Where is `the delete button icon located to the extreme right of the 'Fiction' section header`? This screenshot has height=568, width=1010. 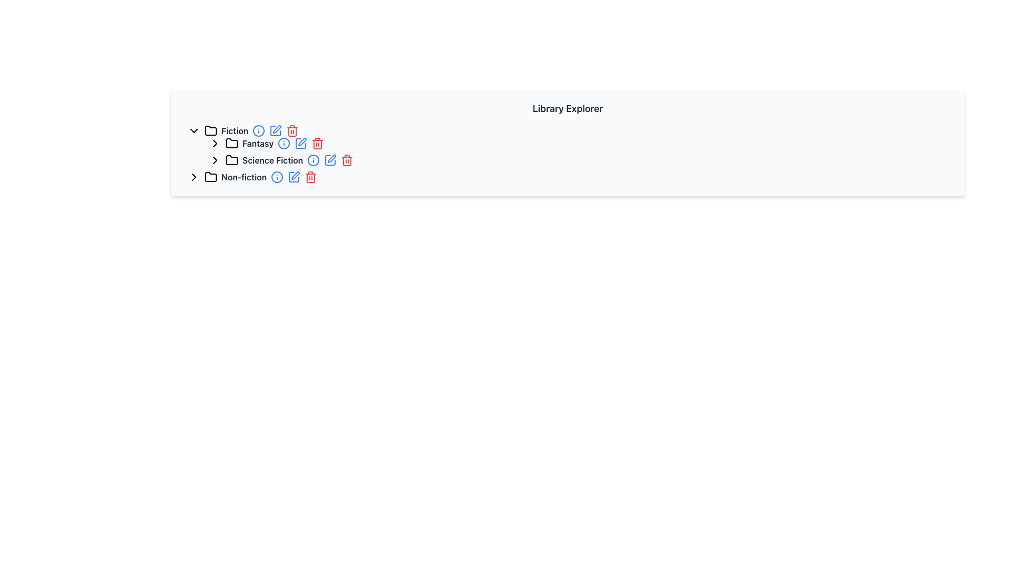 the delete button icon located to the extreme right of the 'Fiction' section header is located at coordinates (292, 130).